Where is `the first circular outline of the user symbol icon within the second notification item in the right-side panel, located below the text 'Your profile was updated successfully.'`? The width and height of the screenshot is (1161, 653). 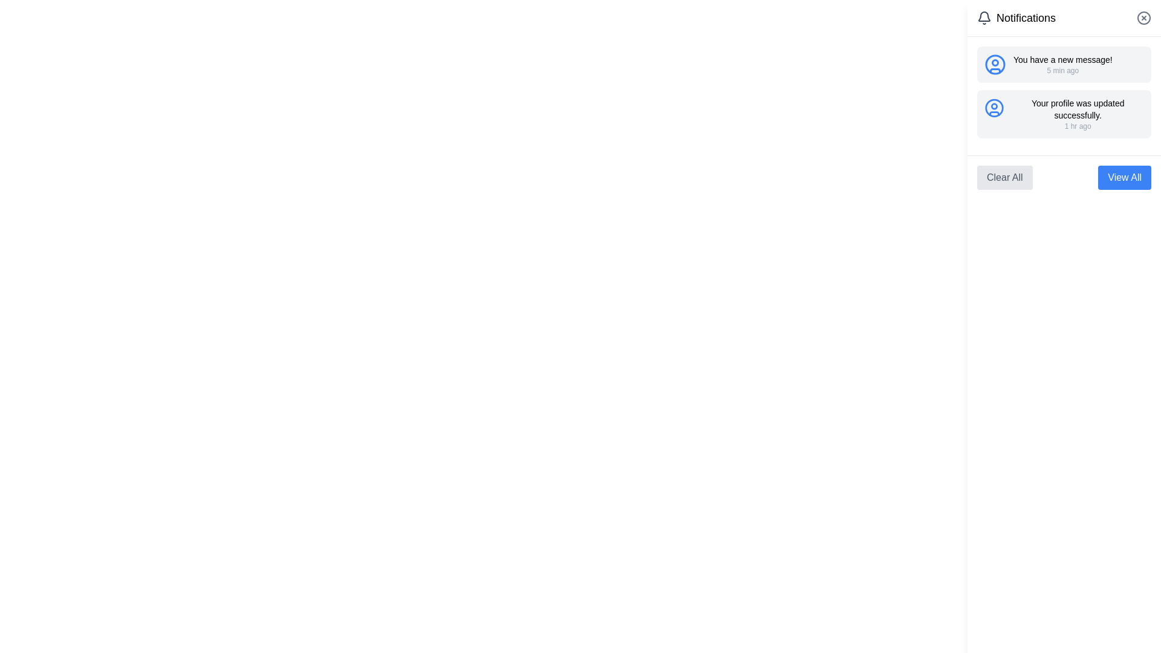
the first circular outline of the user symbol icon within the second notification item in the right-side panel, located below the text 'Your profile was updated successfully.' is located at coordinates (994, 107).